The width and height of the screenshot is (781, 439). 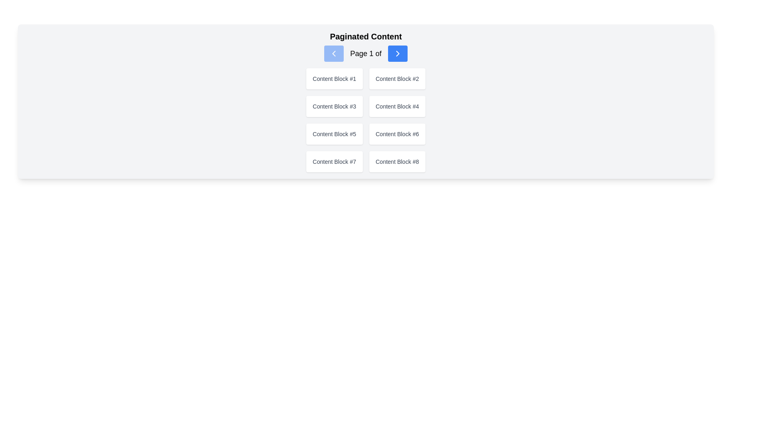 What do you see at coordinates (398, 53) in the screenshot?
I see `the rightward-pointing chevron icon, which is white inside a blue circular background` at bounding box center [398, 53].